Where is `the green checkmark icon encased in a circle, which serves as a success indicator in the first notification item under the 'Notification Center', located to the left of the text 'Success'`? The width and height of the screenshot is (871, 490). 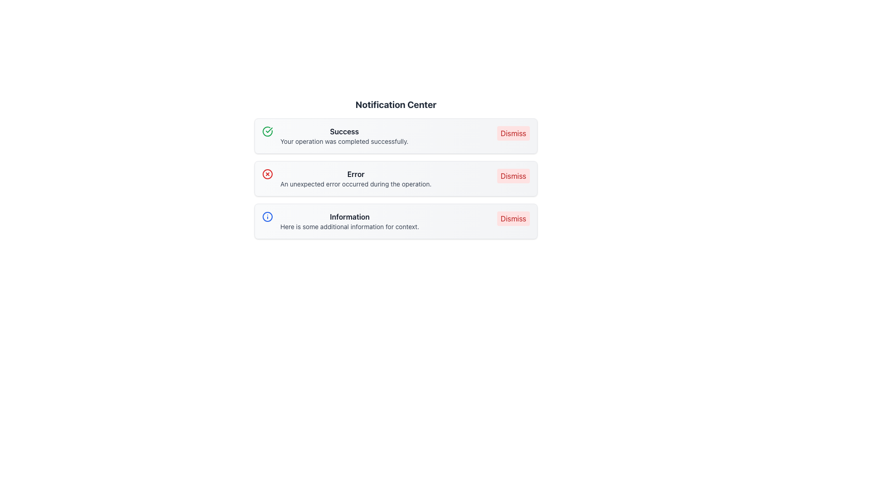
the green checkmark icon encased in a circle, which serves as a success indicator in the first notification item under the 'Notification Center', located to the left of the text 'Success' is located at coordinates (267, 131).